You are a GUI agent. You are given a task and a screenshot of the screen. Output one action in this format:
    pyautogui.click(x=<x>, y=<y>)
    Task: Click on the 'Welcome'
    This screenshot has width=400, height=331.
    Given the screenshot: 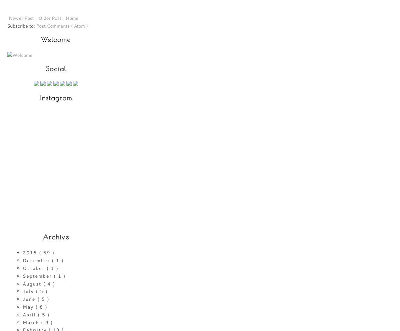 What is the action you would take?
    pyautogui.click(x=56, y=39)
    